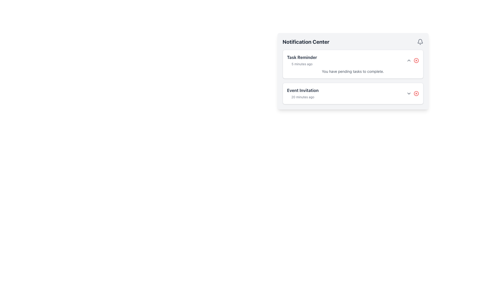 The image size is (504, 283). What do you see at coordinates (302, 57) in the screenshot?
I see `text from the Text Label containing 'Task Reminder', which is styled in bold and gray color, located in the top-right section of the notification panel` at bounding box center [302, 57].